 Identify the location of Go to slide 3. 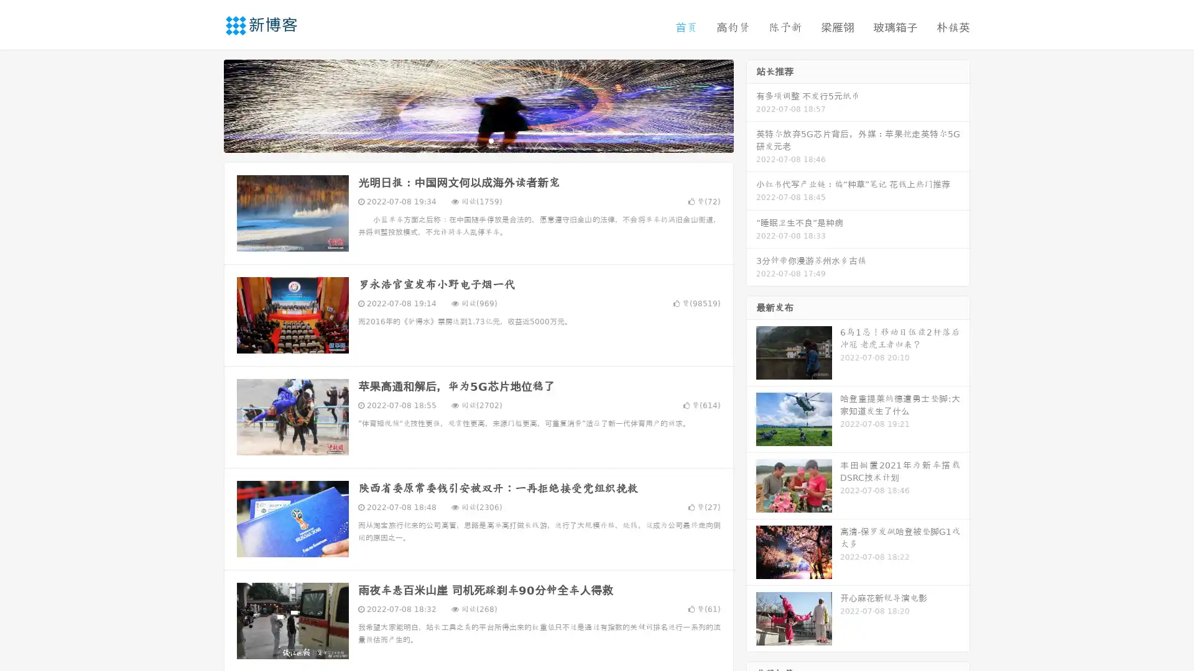
(491, 140).